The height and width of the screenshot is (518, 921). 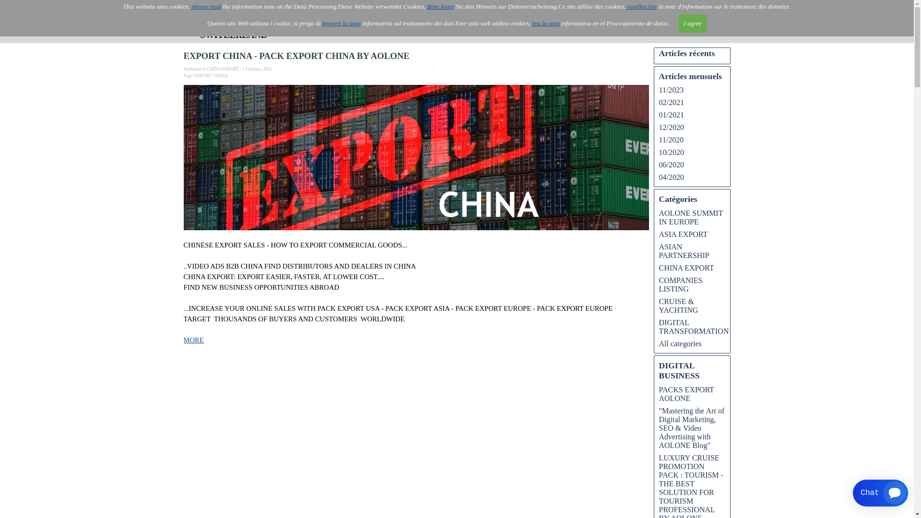 I want to click on 'EXPORT', so click(x=202, y=75).